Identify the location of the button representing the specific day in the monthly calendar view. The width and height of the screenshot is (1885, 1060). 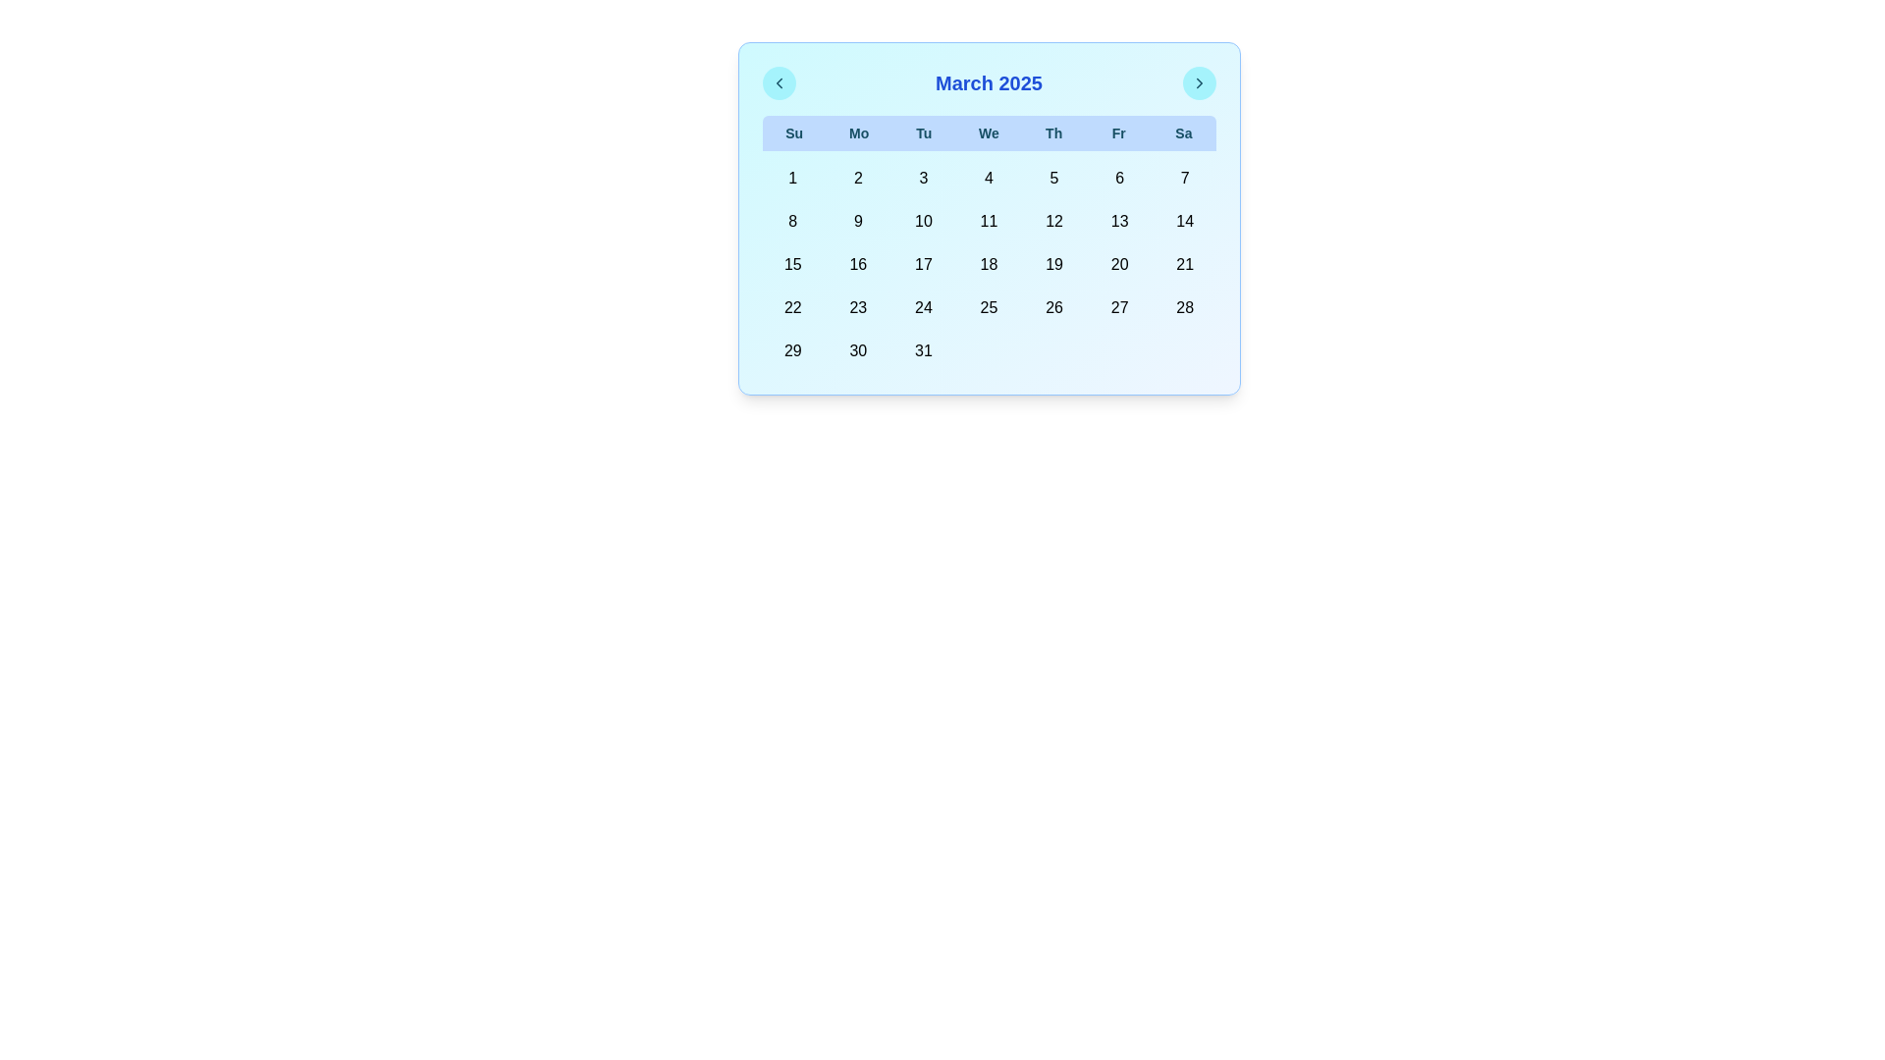
(1053, 265).